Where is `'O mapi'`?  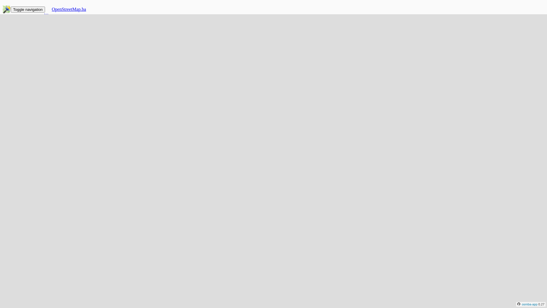 'O mapi' is located at coordinates (21, 23).